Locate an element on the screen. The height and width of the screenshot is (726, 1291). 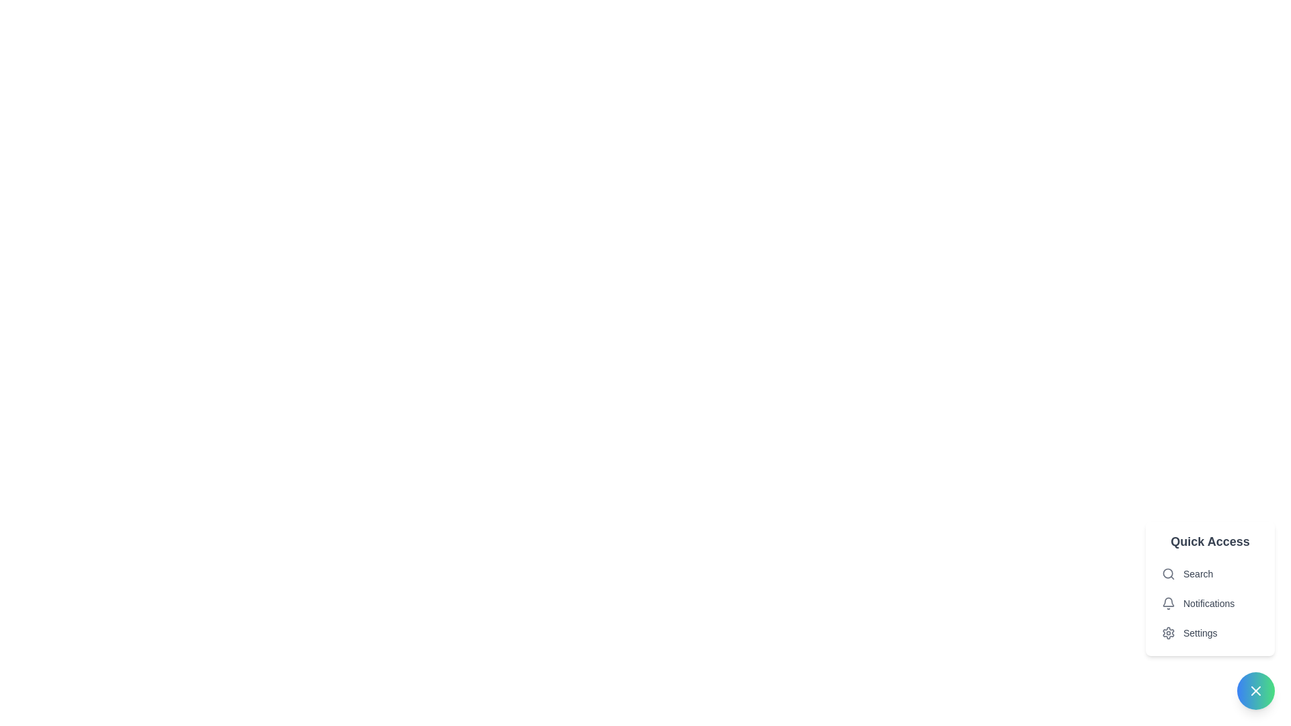
the 'Notifications' button, which is the second item in the floating menu with a bell icon is located at coordinates (1210, 603).